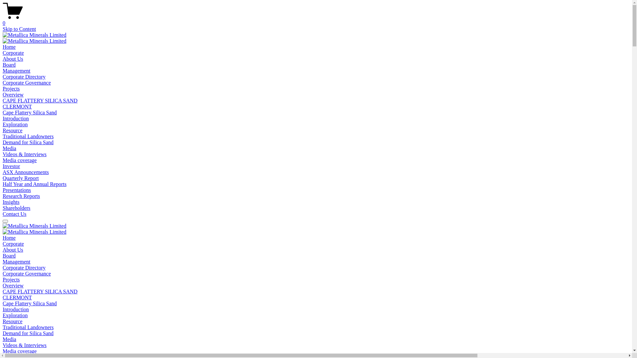  Describe the element at coordinates (3, 339) in the screenshot. I see `'Media'` at that location.